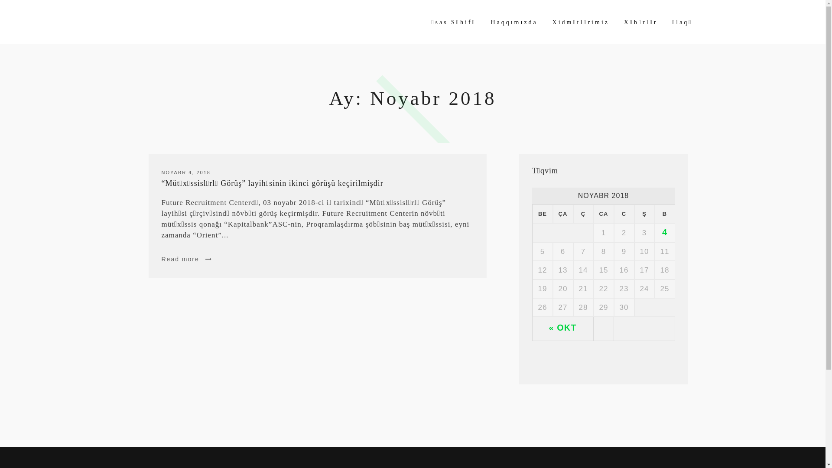  Describe the element at coordinates (664, 232) in the screenshot. I see `'4'` at that location.